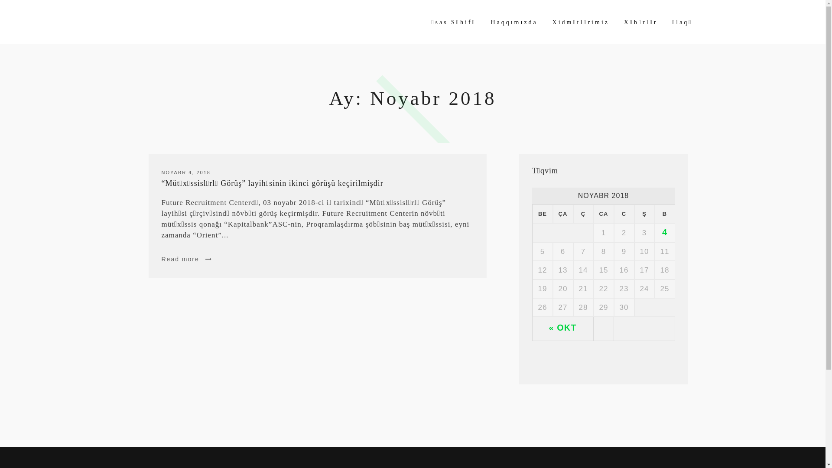  Describe the element at coordinates (664, 232) in the screenshot. I see `'4'` at that location.